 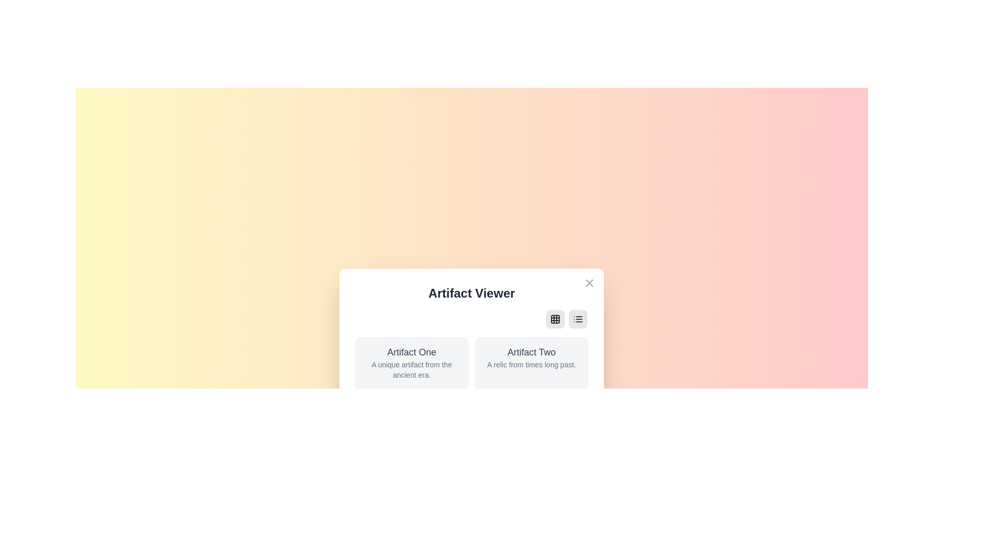 I want to click on button with the list icon to switch the view to list layout, so click(x=577, y=318).